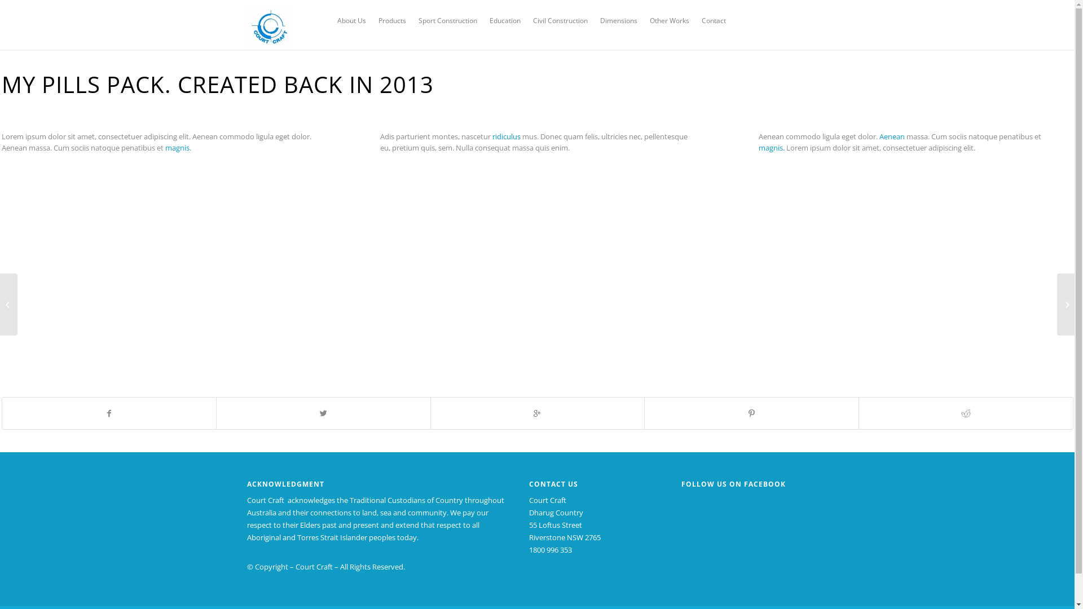  What do you see at coordinates (713, 21) in the screenshot?
I see `'Contact'` at bounding box center [713, 21].